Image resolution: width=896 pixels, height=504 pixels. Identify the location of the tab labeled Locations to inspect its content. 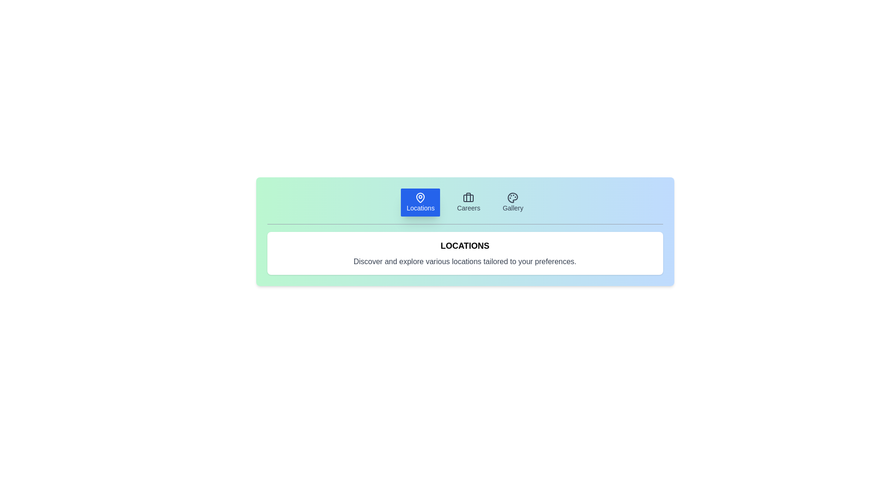
(420, 202).